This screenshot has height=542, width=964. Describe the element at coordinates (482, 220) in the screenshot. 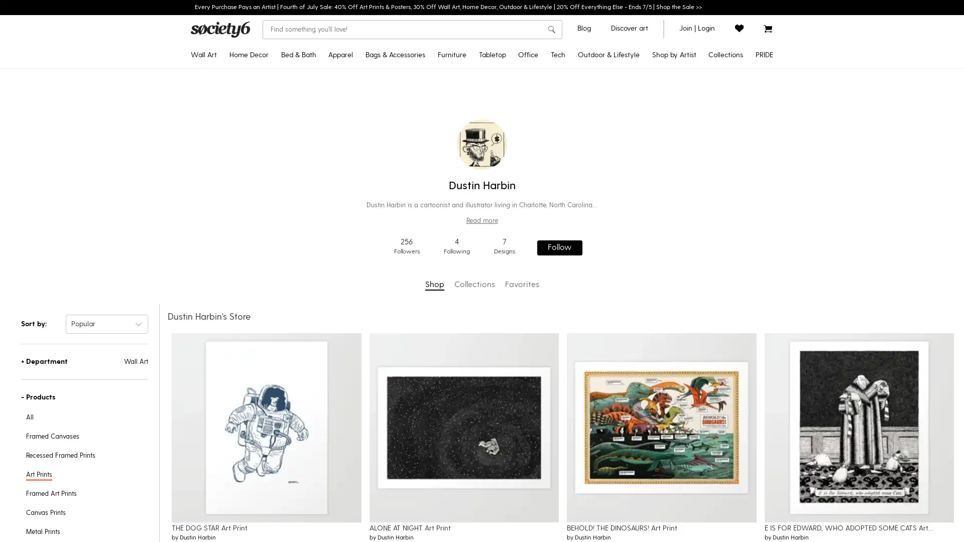

I see `Read more` at that location.